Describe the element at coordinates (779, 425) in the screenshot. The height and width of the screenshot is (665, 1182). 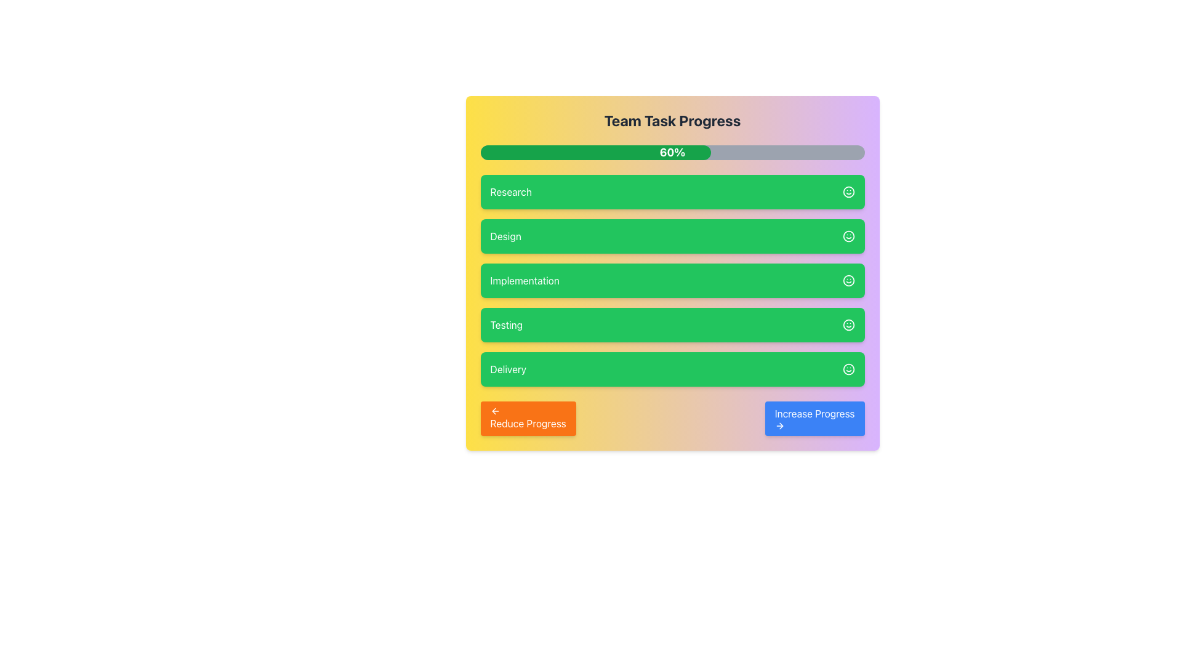
I see `the icon within the blue button labeled 'Increase Progress' located at the bottom-right corner of the interface, which visually indicates forward or progressive movement` at that location.